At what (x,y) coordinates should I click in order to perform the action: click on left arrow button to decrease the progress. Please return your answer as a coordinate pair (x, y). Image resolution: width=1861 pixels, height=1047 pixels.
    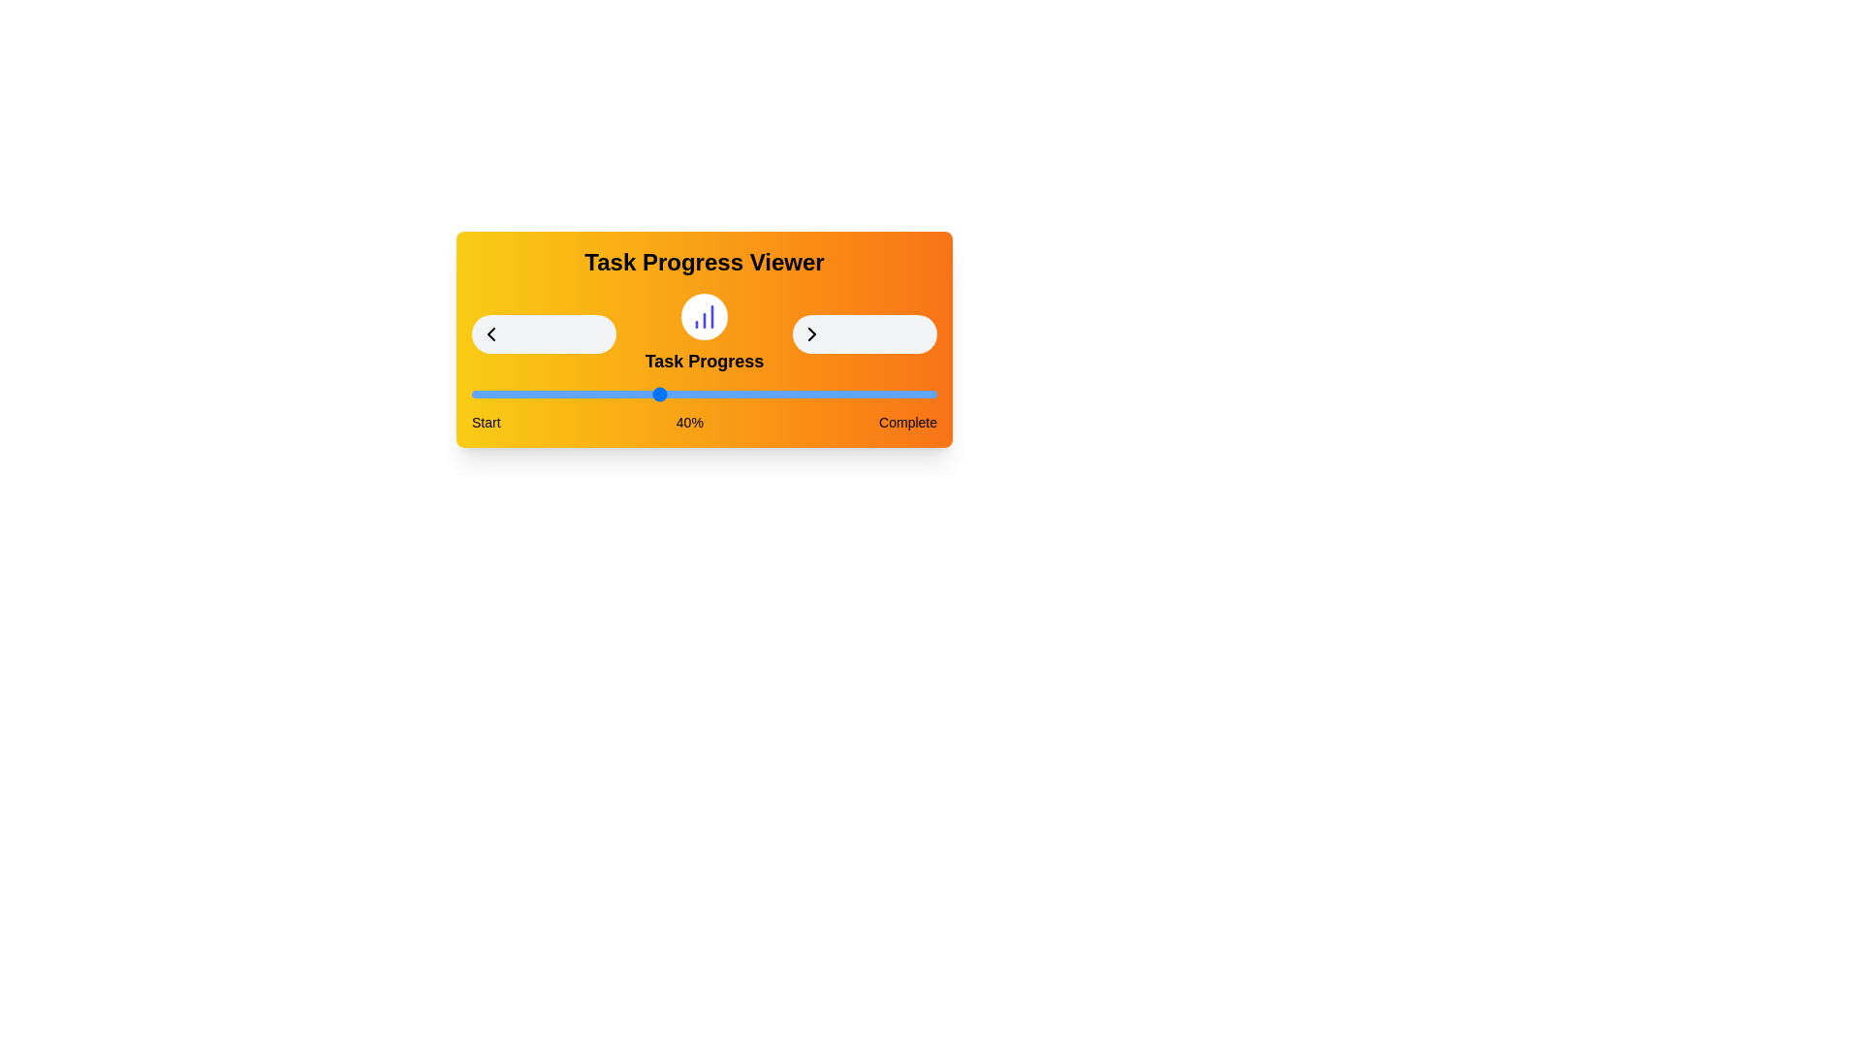
    Looking at the image, I should click on (543, 333).